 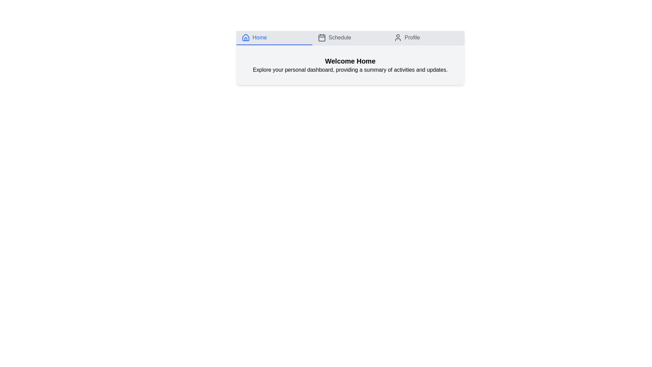 What do you see at coordinates (350, 38) in the screenshot?
I see `the Schedule tab` at bounding box center [350, 38].